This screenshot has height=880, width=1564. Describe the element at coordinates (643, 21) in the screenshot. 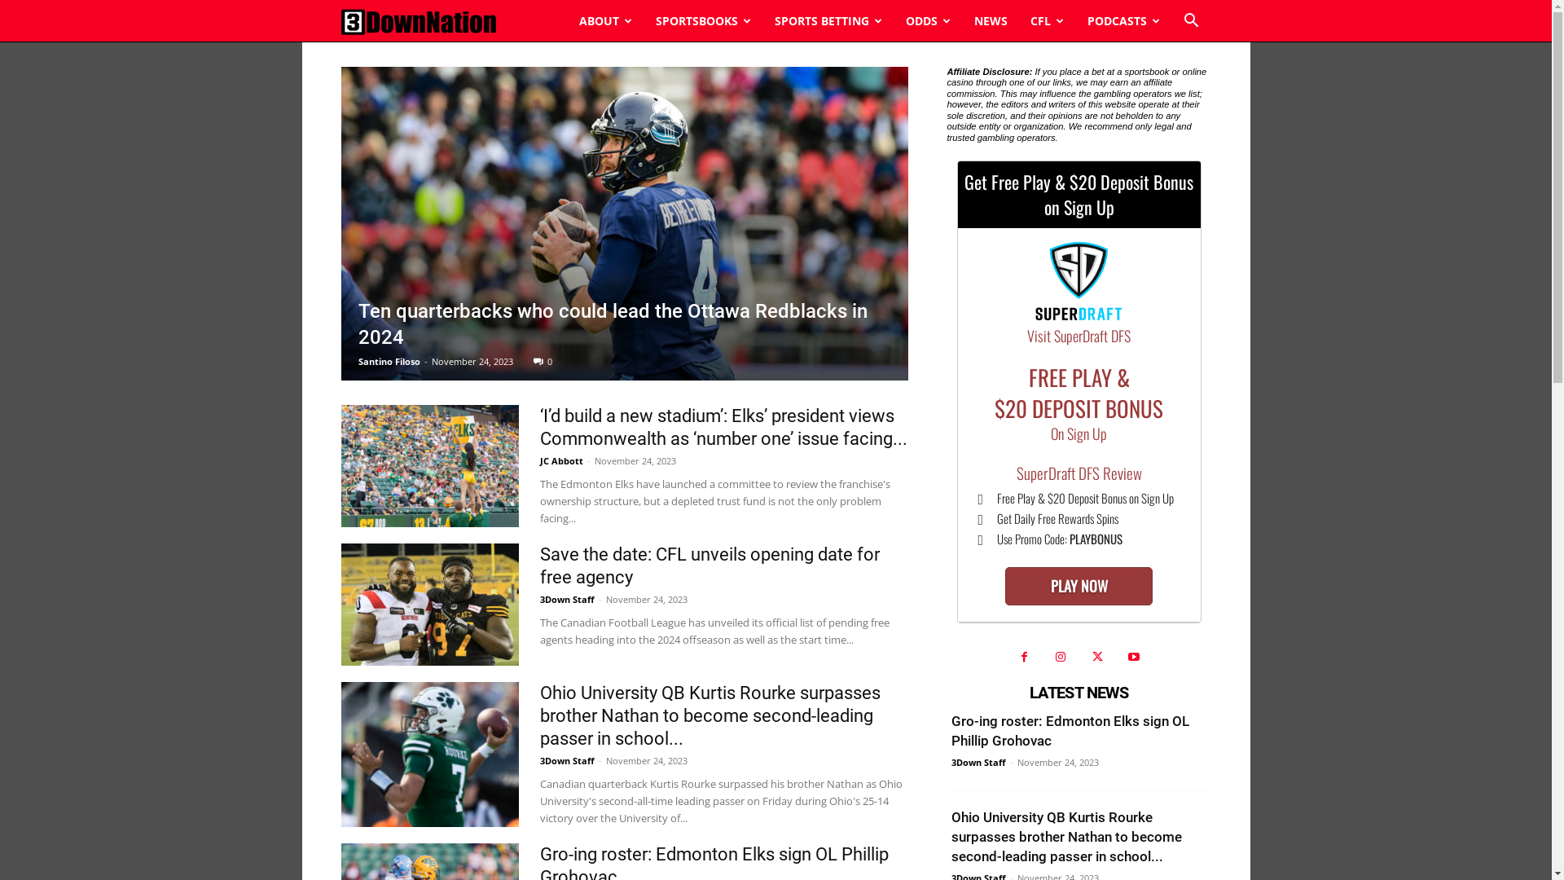

I see `'SPORTSBOOKS'` at that location.